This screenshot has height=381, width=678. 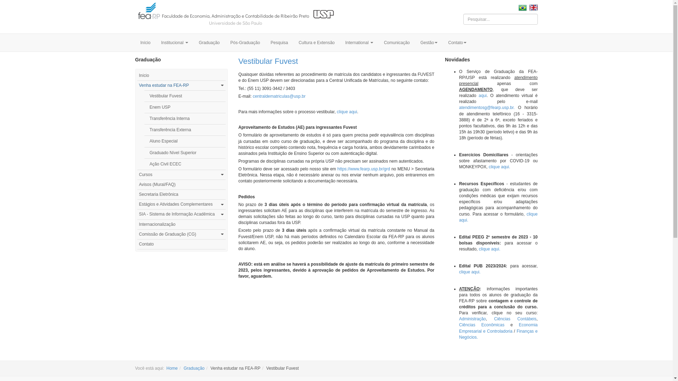 What do you see at coordinates (172, 368) in the screenshot?
I see `'Home'` at bounding box center [172, 368].